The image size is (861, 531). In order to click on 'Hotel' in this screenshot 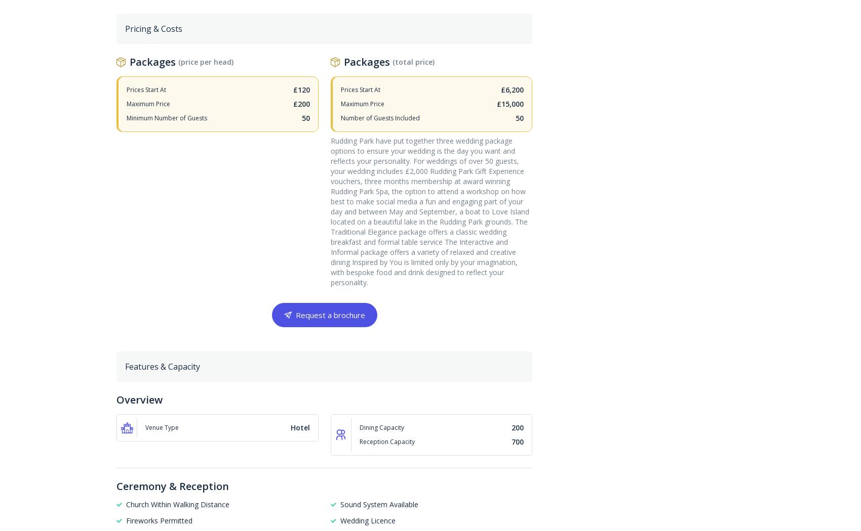, I will do `click(299, 427)`.